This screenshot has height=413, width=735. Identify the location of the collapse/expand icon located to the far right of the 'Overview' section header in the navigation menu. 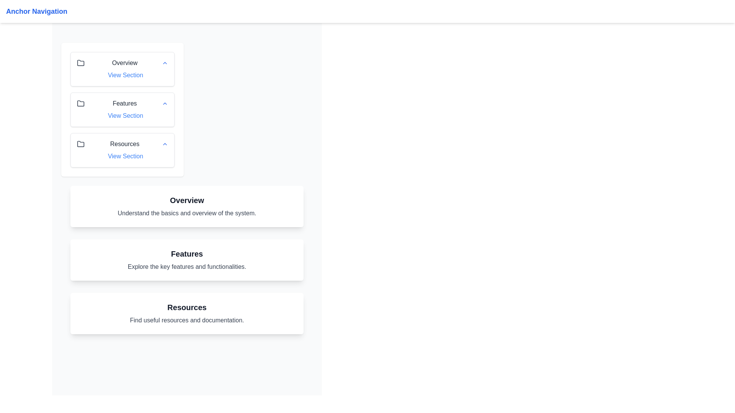
(165, 63).